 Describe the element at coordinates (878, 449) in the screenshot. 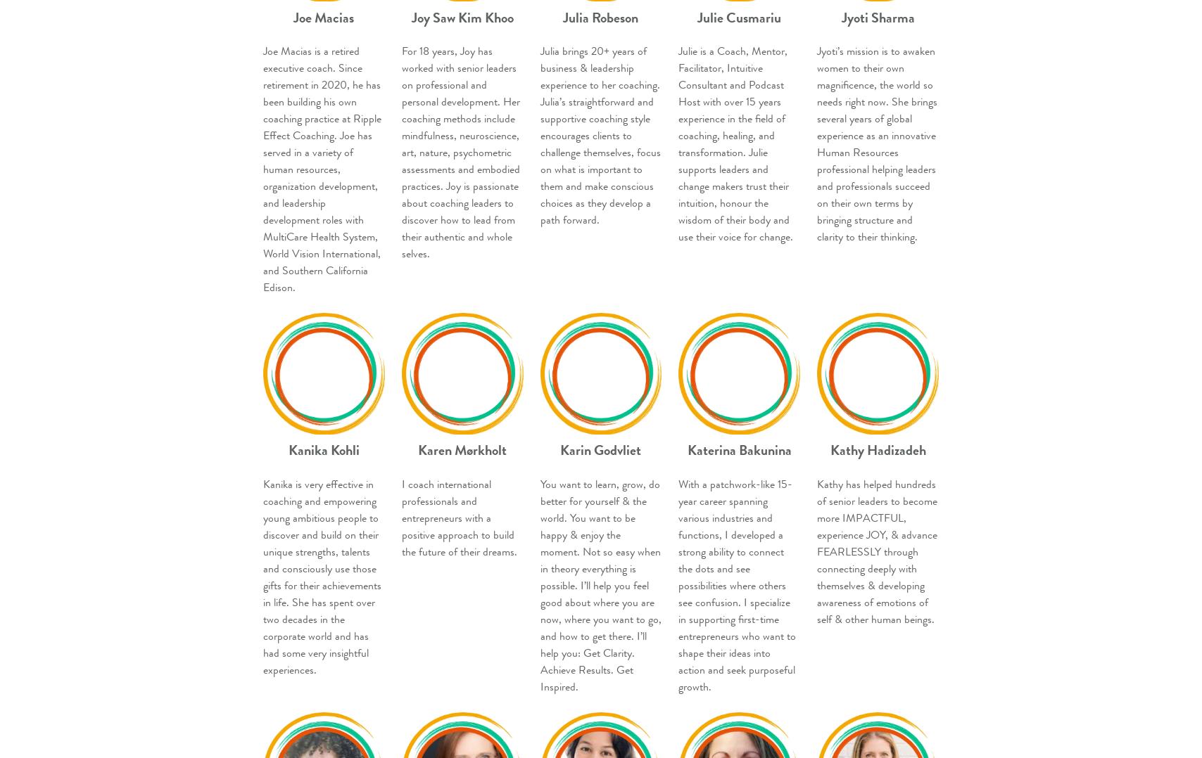

I see `'Kathy Hadizadeh'` at that location.